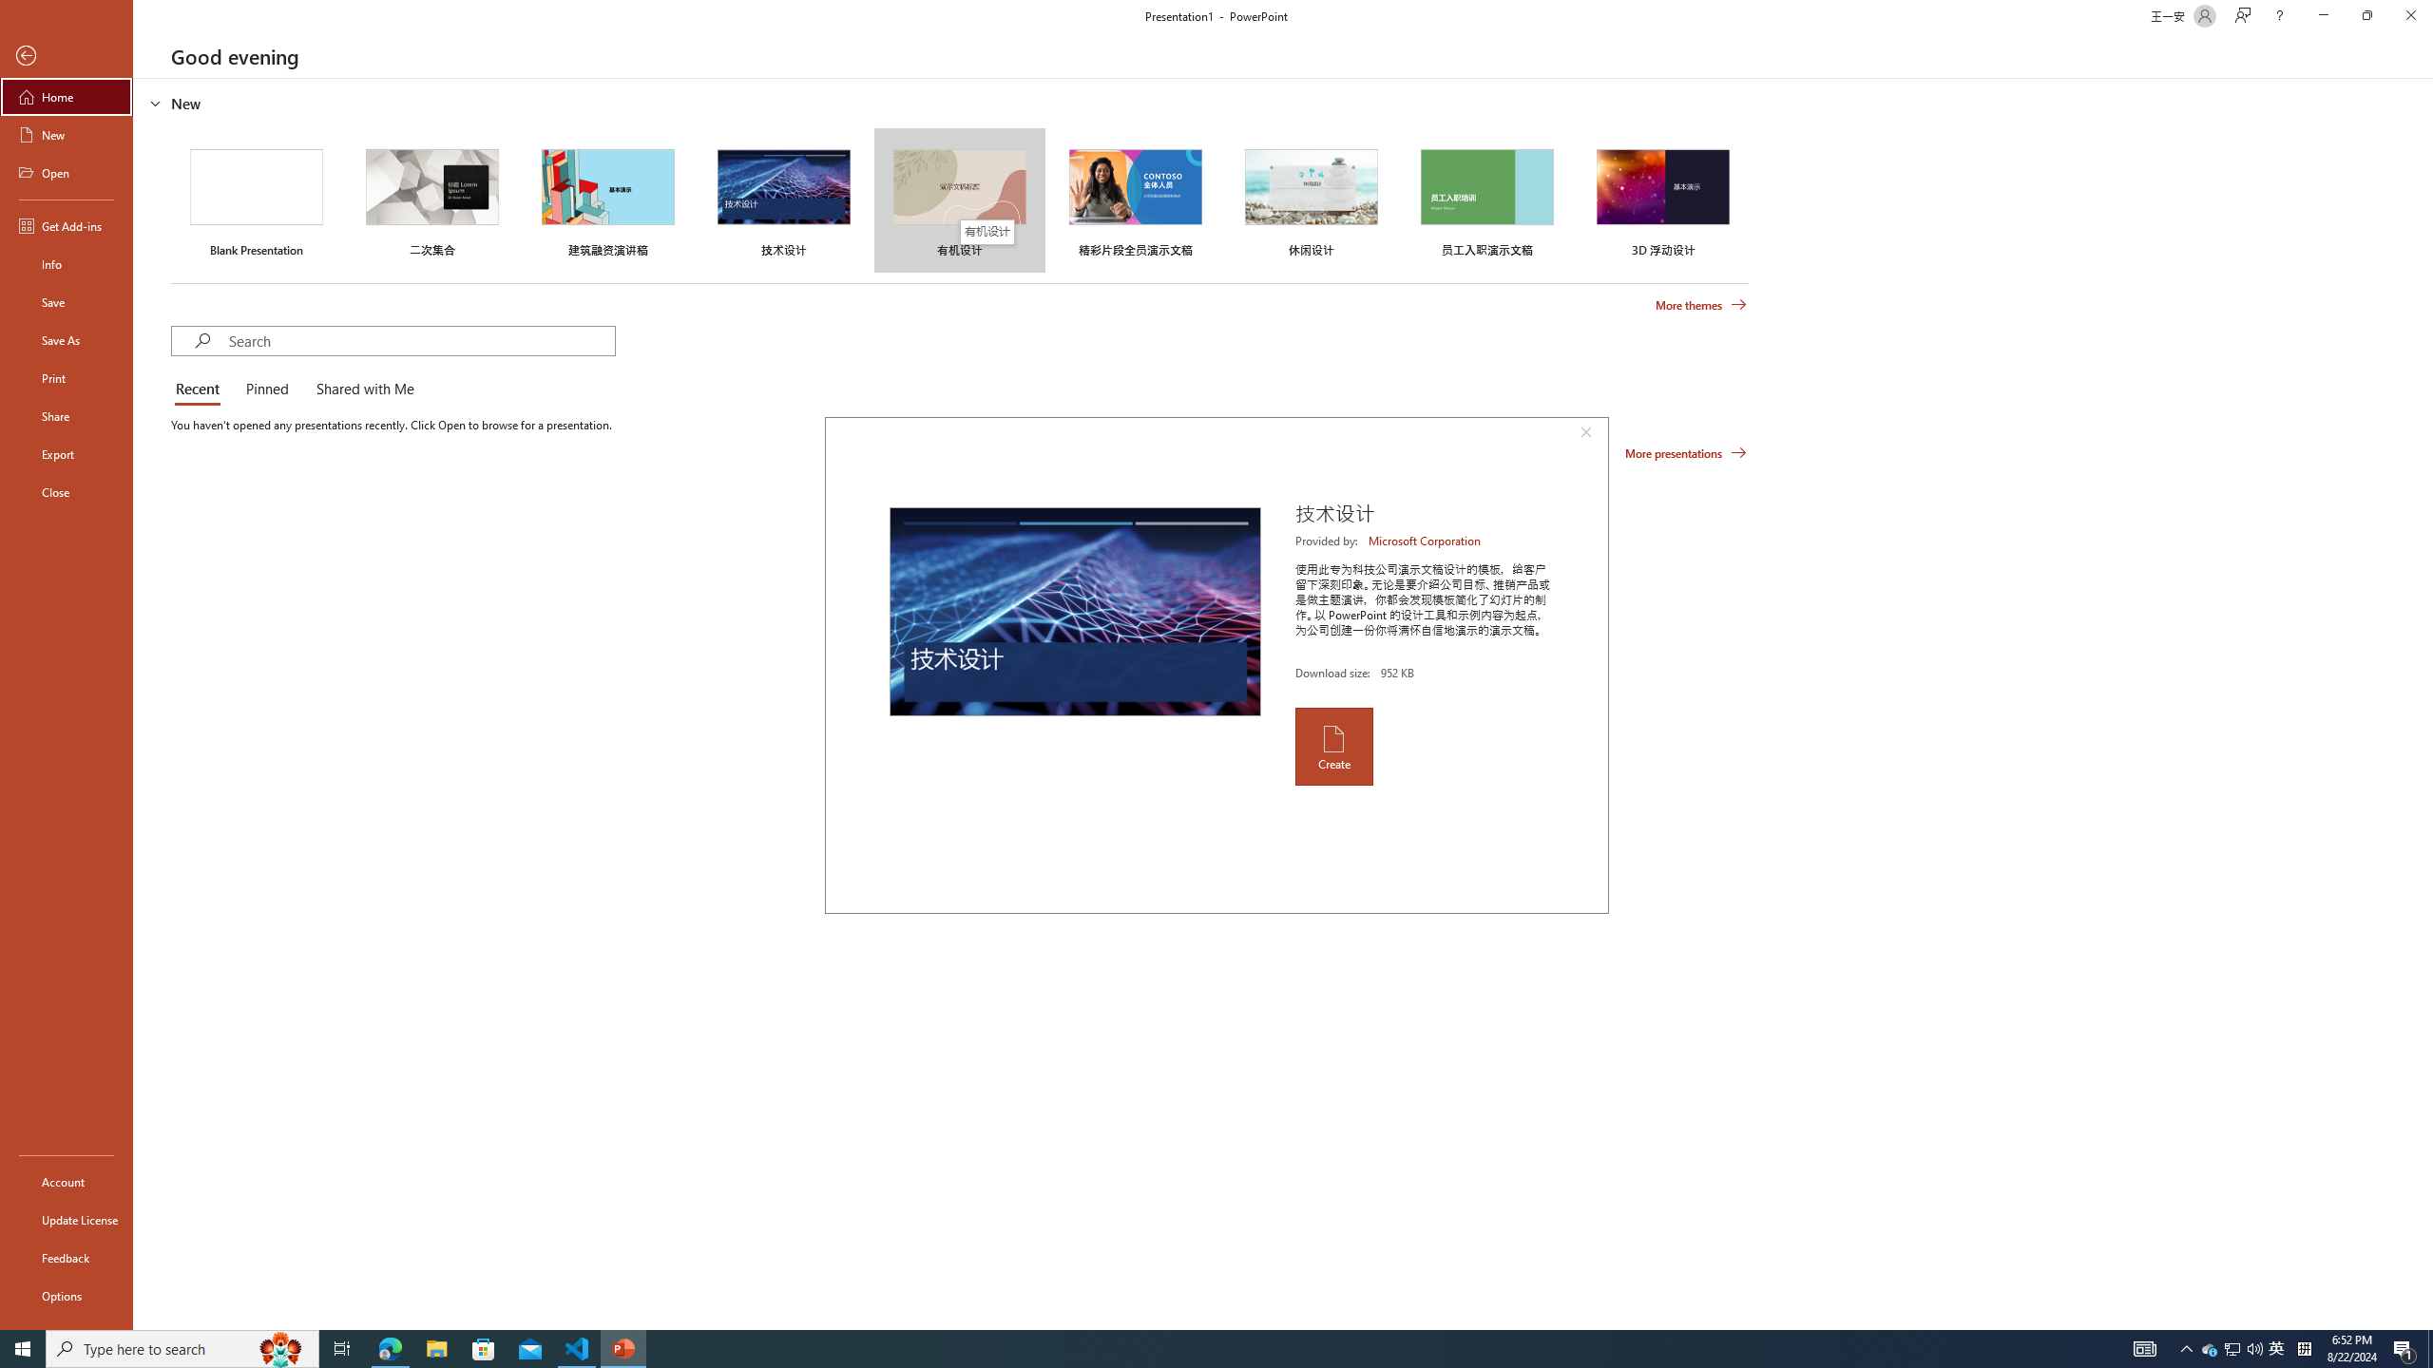  I want to click on 'New', so click(66, 134).